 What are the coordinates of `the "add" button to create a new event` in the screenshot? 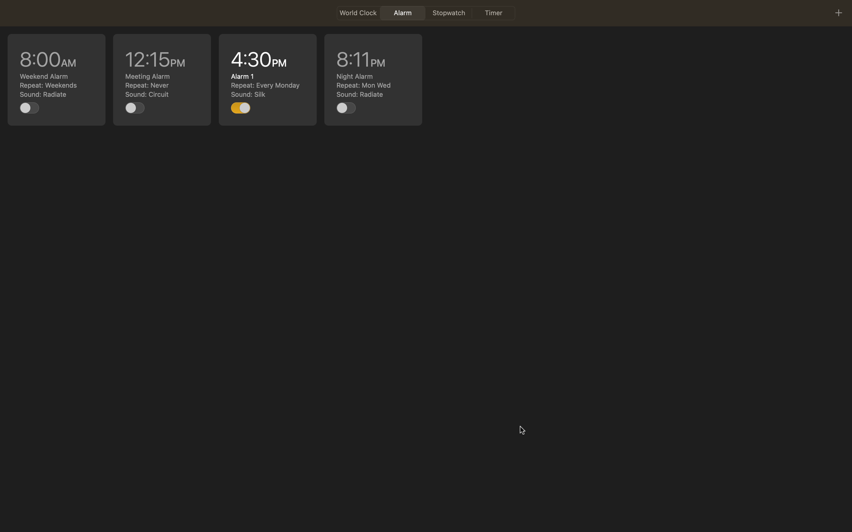 It's located at (838, 12).